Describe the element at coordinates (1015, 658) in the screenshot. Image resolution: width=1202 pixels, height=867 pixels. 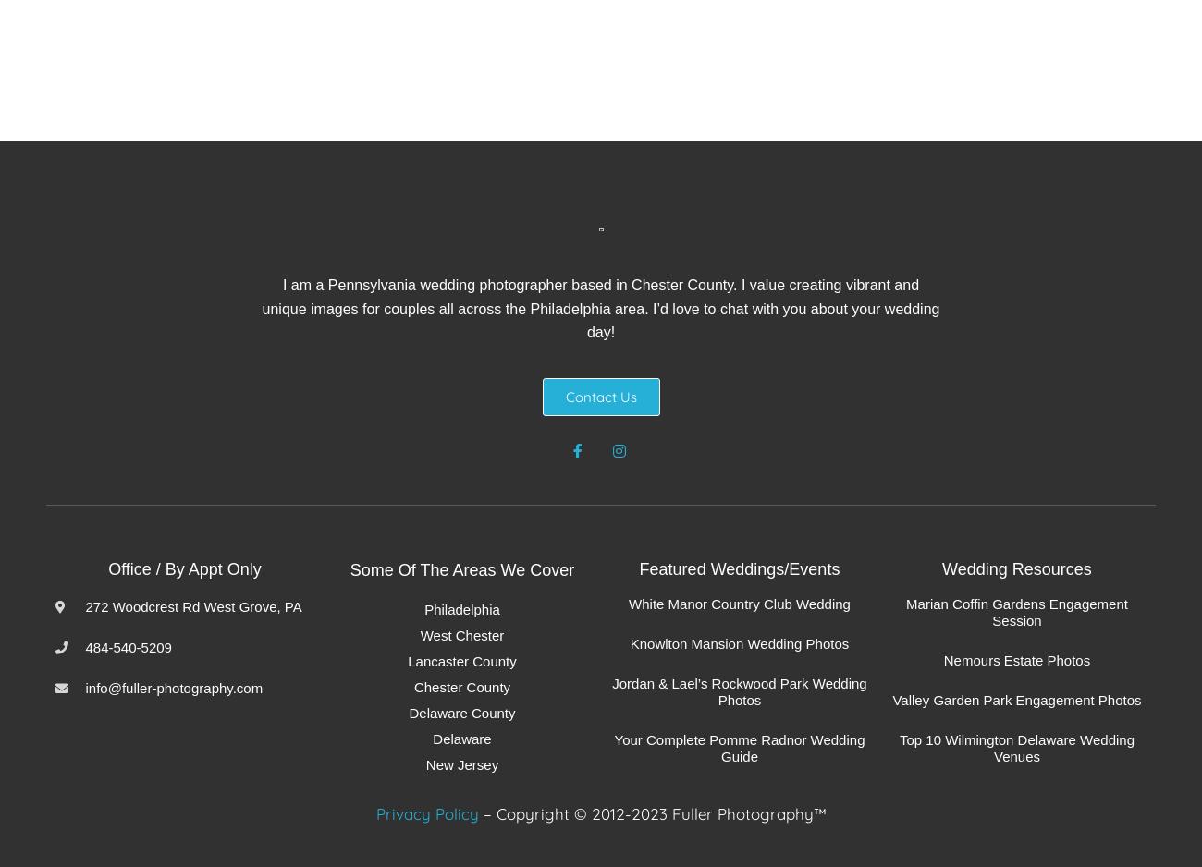
I see `'Nemours Estate Photos'` at that location.